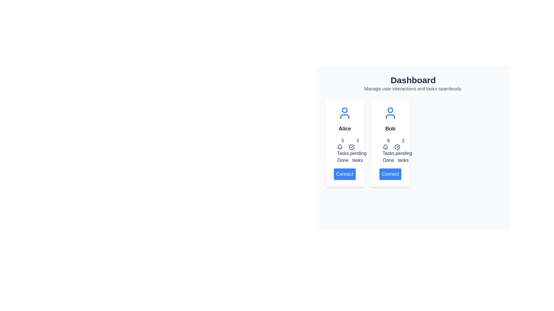  I want to click on information conveyed by the statistical number '3' indicating pending tasks, accompanied by a check mark icon and descriptive text, located in the second group representing 'Alice', so click(357, 150).